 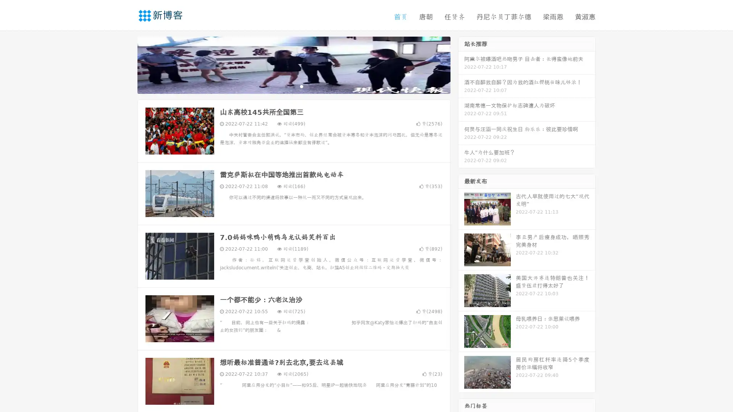 I want to click on Go to slide 2, so click(x=293, y=86).